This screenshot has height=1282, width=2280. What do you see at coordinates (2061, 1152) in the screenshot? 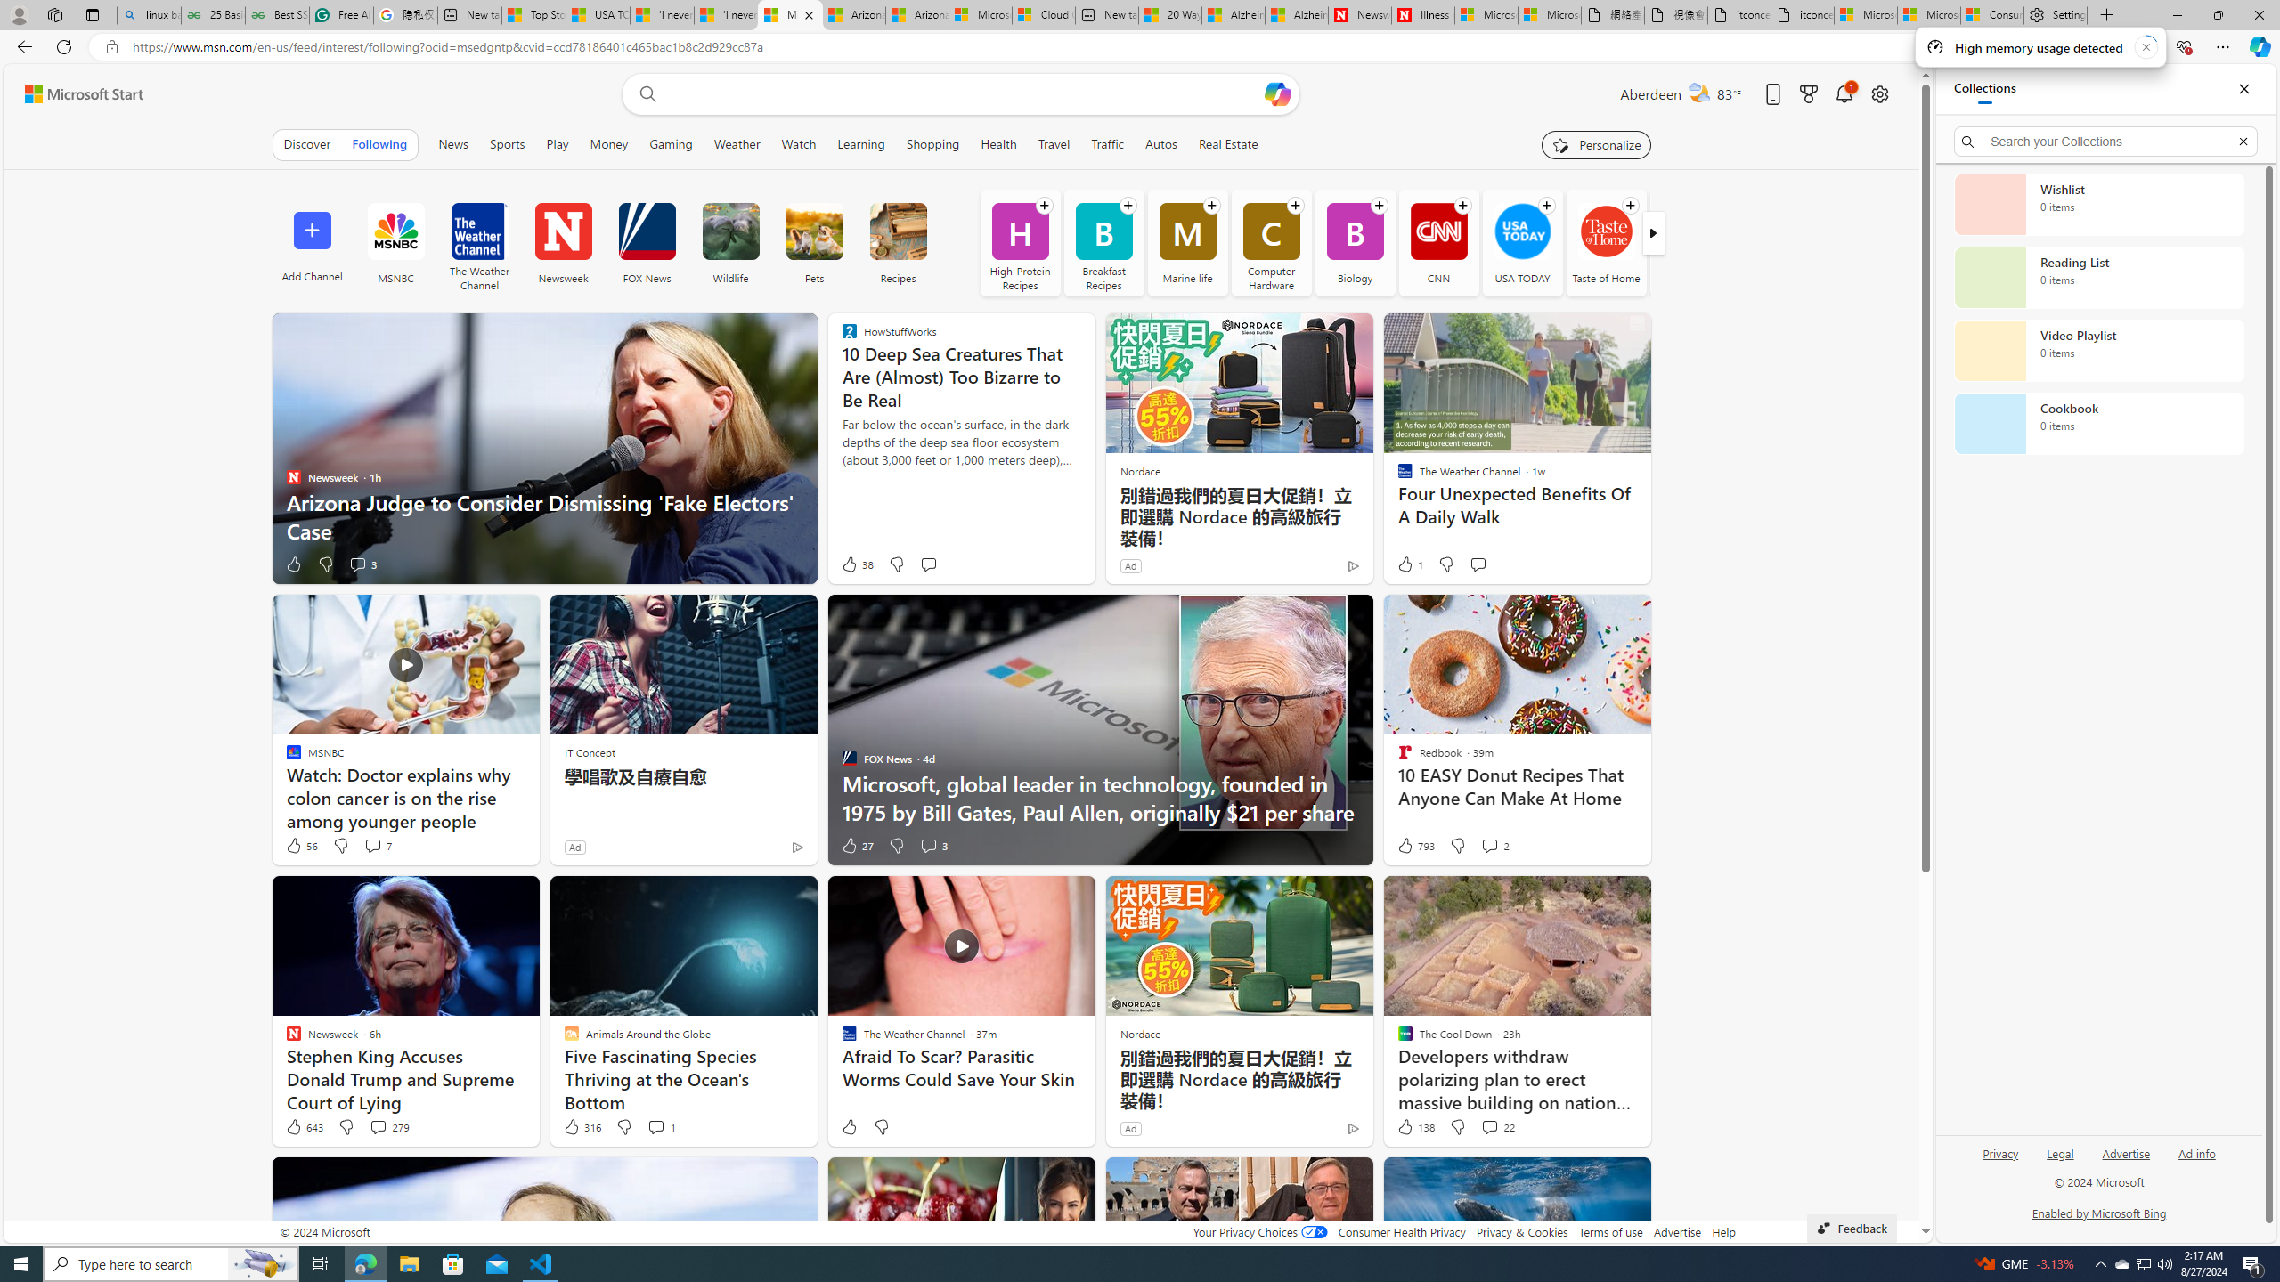
I see `'Legal'` at bounding box center [2061, 1152].